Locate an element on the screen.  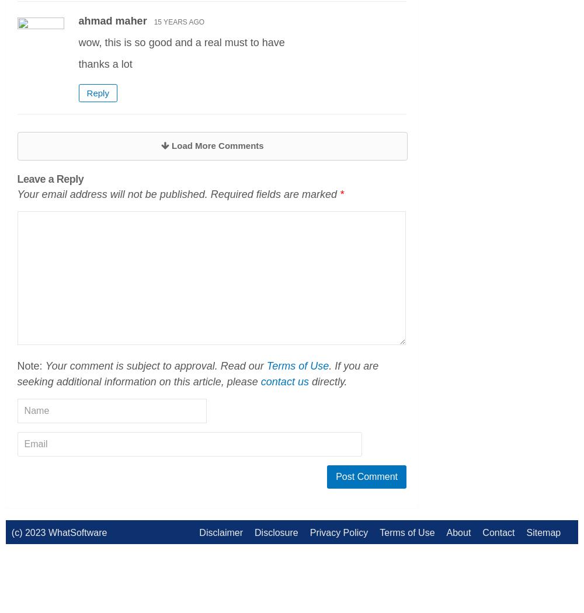
'. If you are seeking additional information on this article, please' is located at coordinates (197, 372).